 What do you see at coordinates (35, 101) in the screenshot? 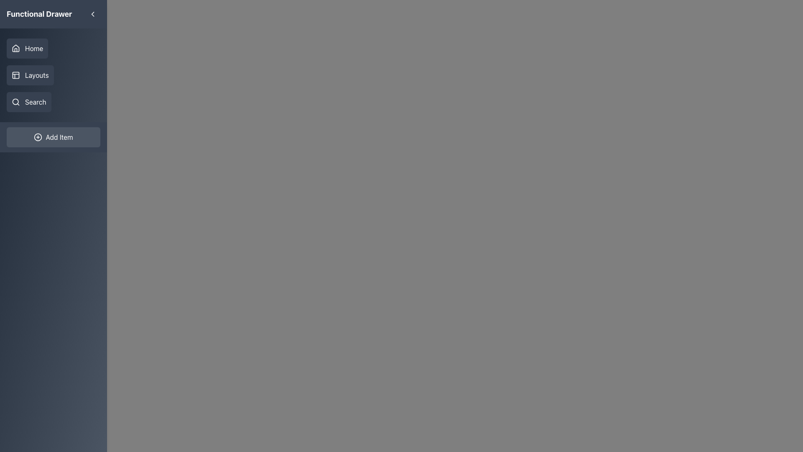
I see `text label displaying 'Search' in white against a dark background, located in the left-hand side navigation bar as the third entry in the menu` at bounding box center [35, 101].